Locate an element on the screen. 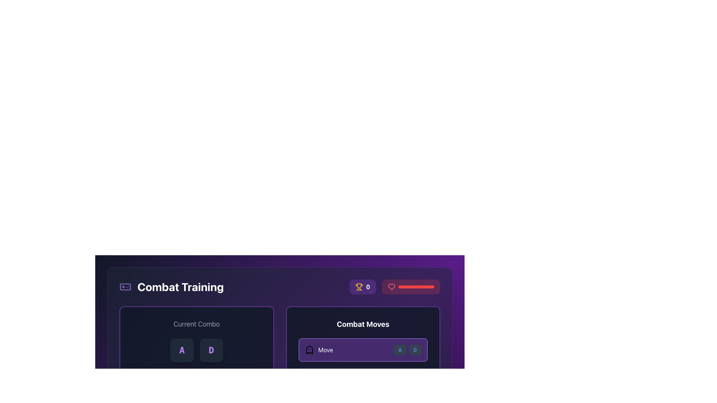 The width and height of the screenshot is (717, 403). the progress bar UI component in the top-right corner of the 'Combat Training' card, which indicates health or life count and is located to the right of a purple section with a yellow trophy icon and the digit '0' is located at coordinates (394, 286).